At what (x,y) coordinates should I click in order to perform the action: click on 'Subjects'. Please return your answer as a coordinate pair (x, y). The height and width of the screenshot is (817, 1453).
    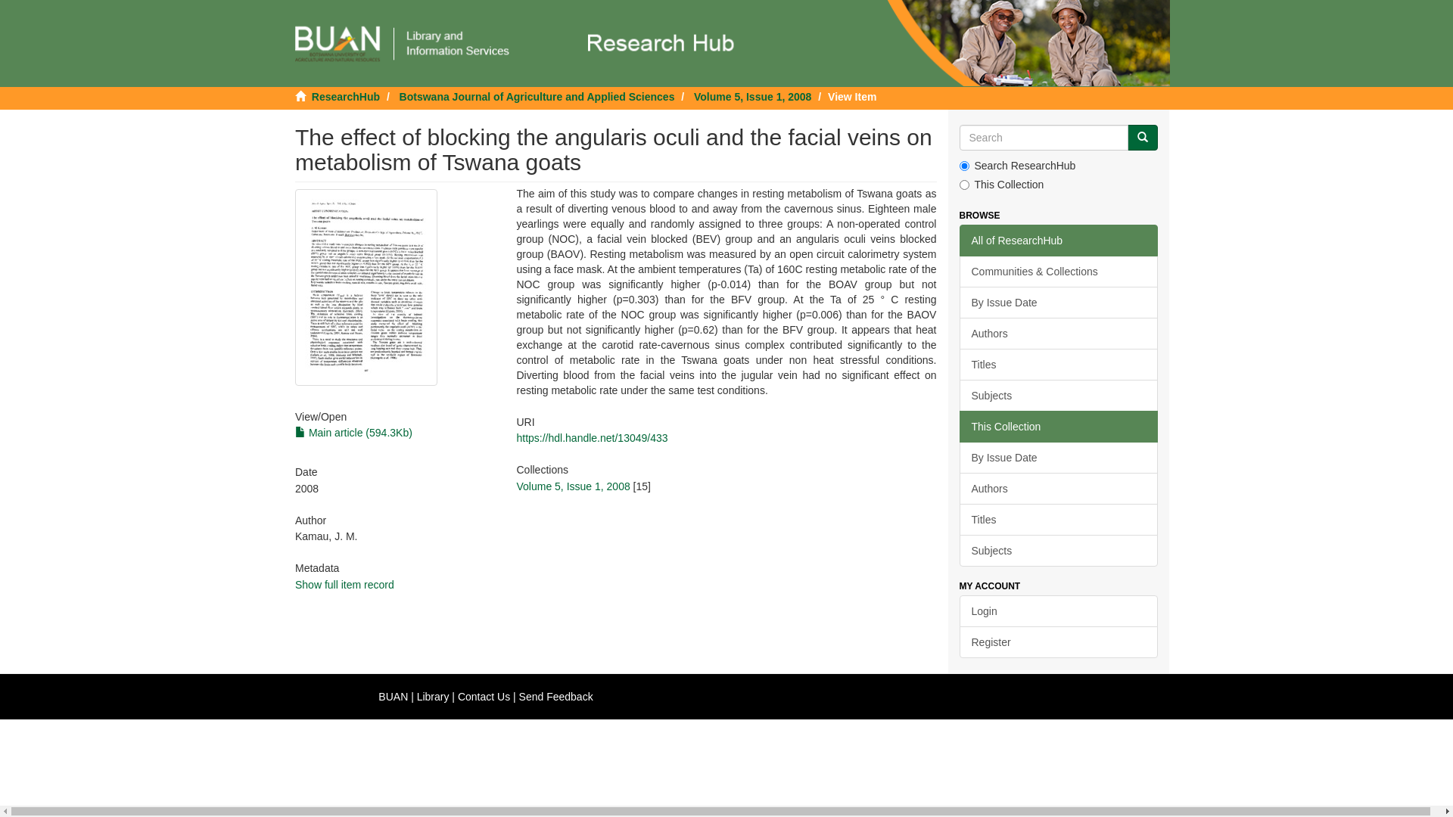
    Looking at the image, I should click on (1058, 551).